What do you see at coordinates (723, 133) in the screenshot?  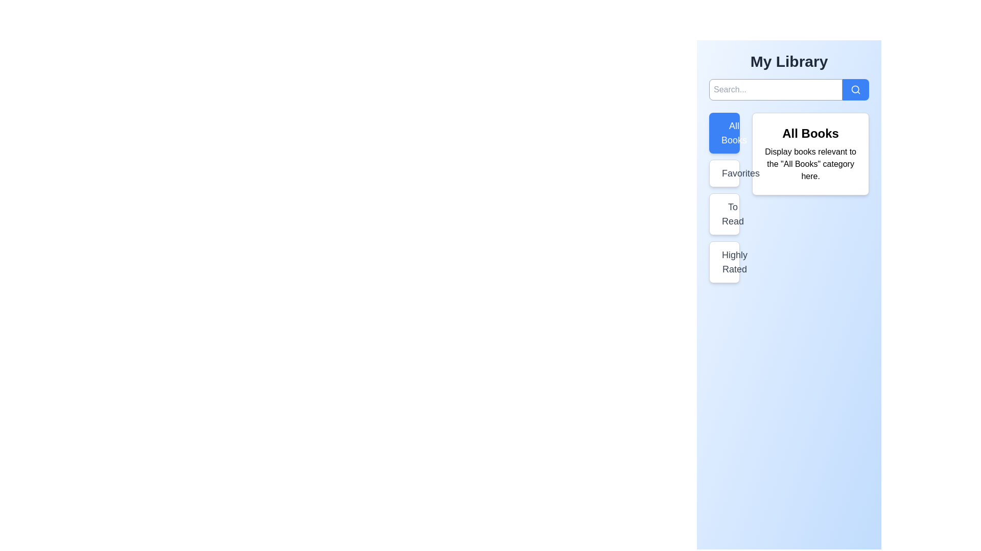 I see `the 'All Books' icon in the sidebar menu, which is located to the left of its corresponding label text` at bounding box center [723, 133].